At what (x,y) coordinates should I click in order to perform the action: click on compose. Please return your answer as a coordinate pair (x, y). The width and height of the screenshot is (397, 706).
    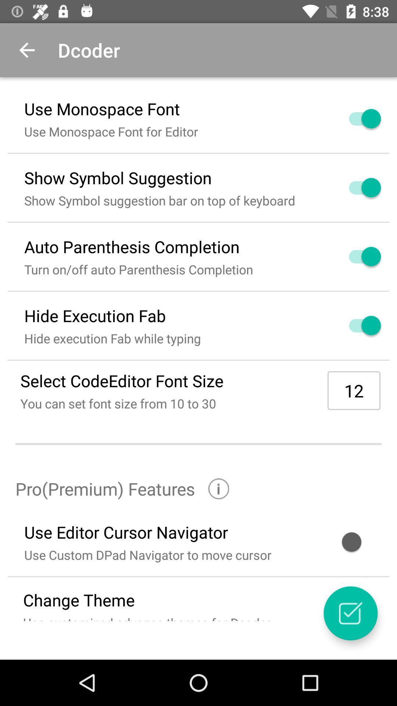
    Looking at the image, I should click on (350, 613).